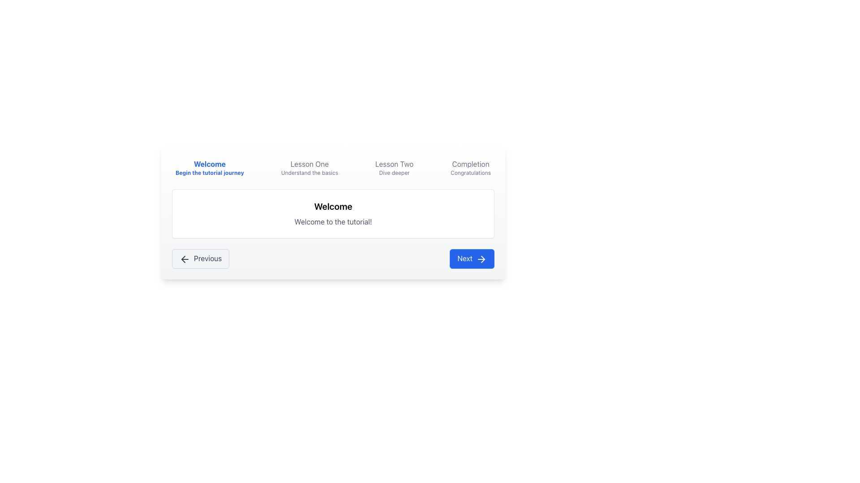  Describe the element at coordinates (184, 258) in the screenshot. I see `the left-facing arrow icon within a circular outline, located immediately to the left of the 'Previous' text in the bottom-left corner of the interface` at that location.